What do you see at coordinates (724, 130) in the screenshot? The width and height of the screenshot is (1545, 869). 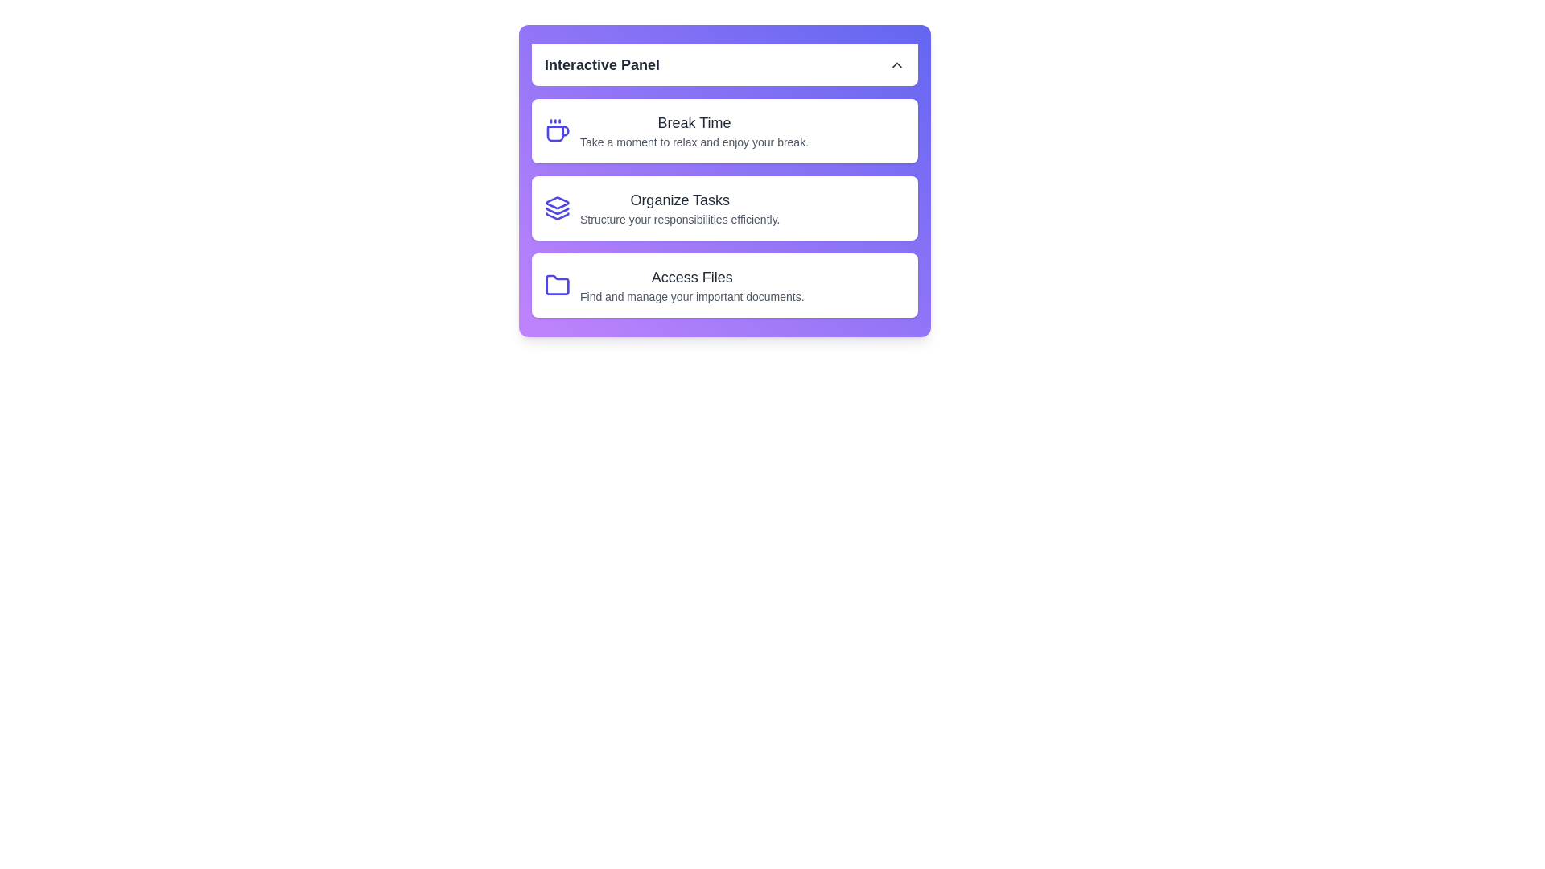 I see `the panel item Break Time to view its hover effect` at bounding box center [724, 130].